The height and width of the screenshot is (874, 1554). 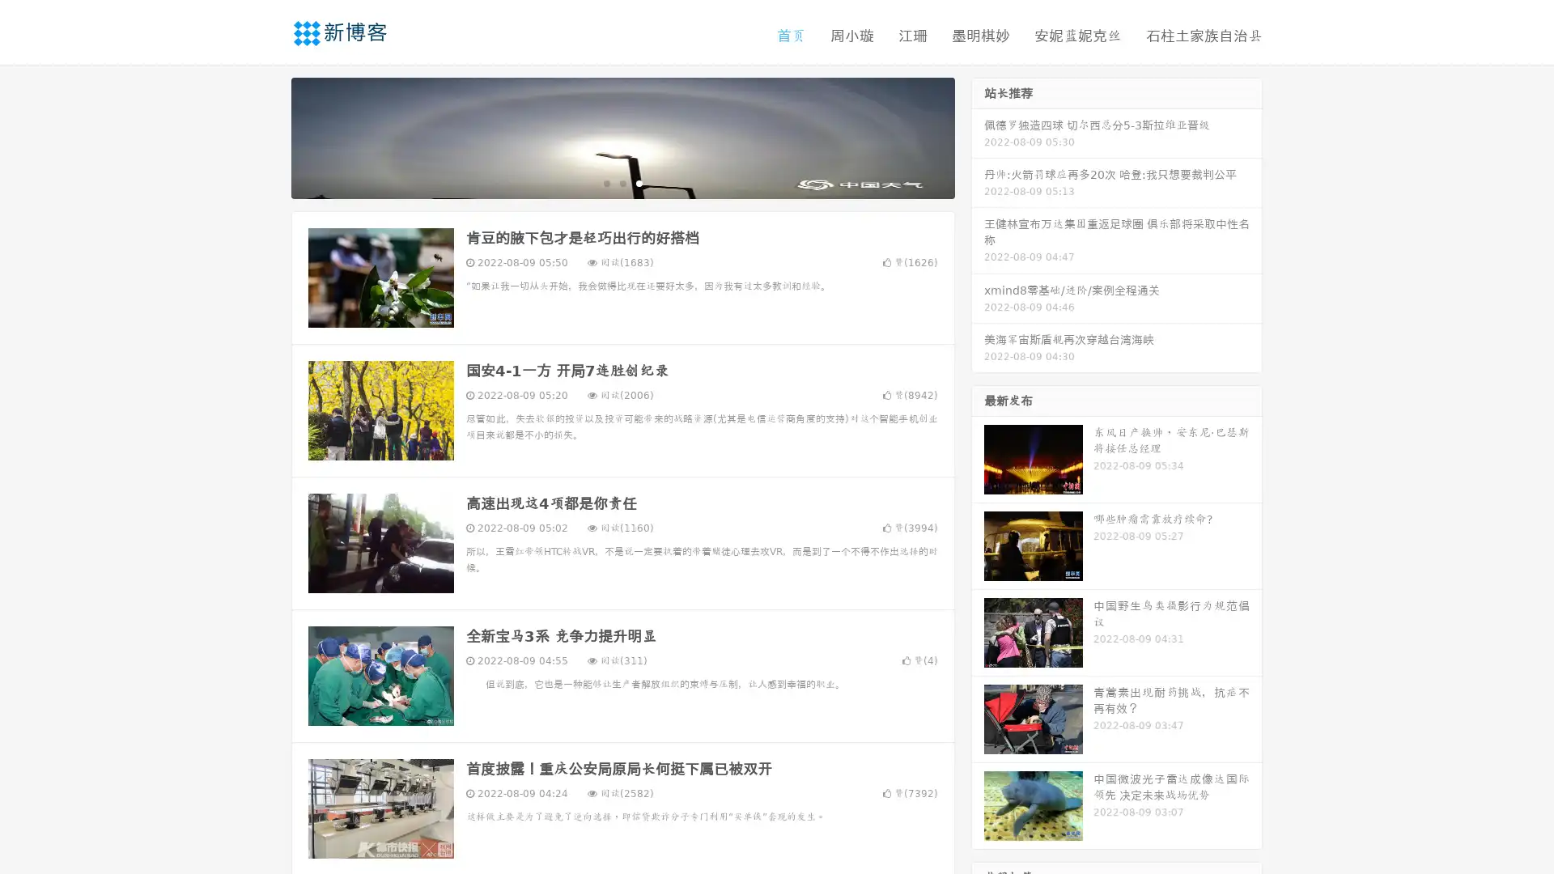 What do you see at coordinates (267, 136) in the screenshot?
I see `Previous slide` at bounding box center [267, 136].